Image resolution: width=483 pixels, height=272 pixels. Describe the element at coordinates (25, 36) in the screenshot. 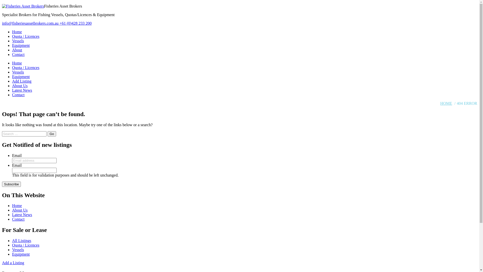

I see `'Quota / Licences'` at that location.